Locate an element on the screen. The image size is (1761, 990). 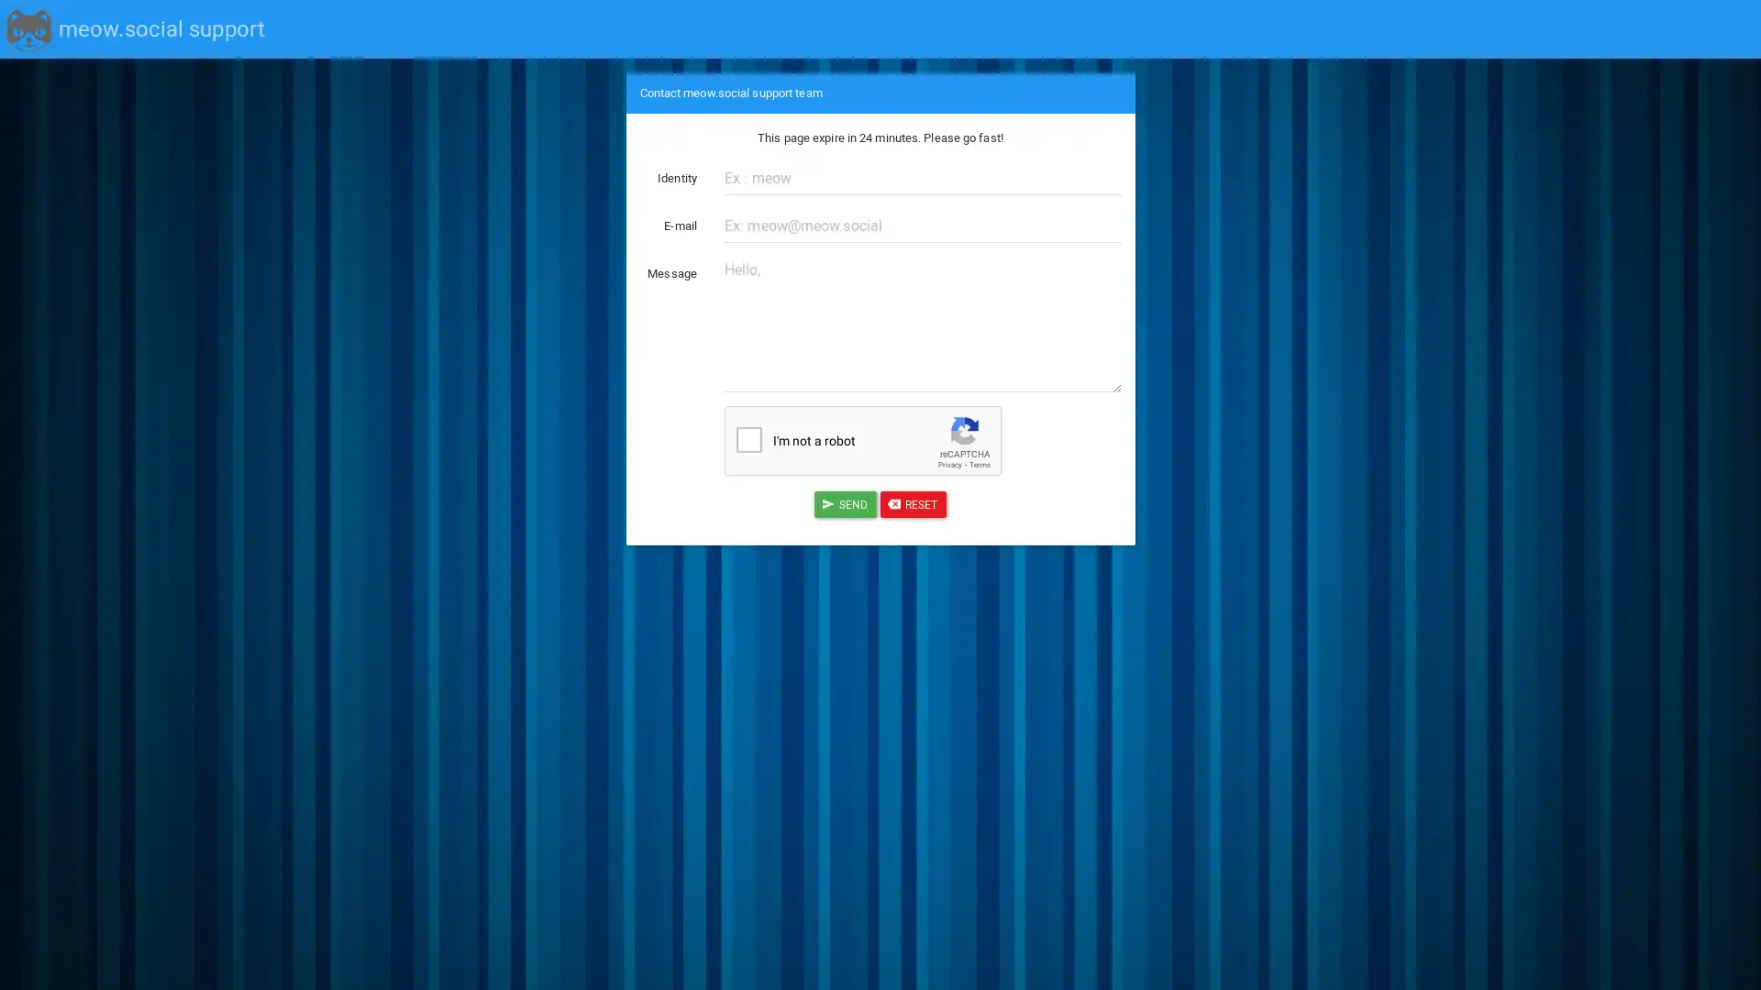
SEND is located at coordinates (844, 503).